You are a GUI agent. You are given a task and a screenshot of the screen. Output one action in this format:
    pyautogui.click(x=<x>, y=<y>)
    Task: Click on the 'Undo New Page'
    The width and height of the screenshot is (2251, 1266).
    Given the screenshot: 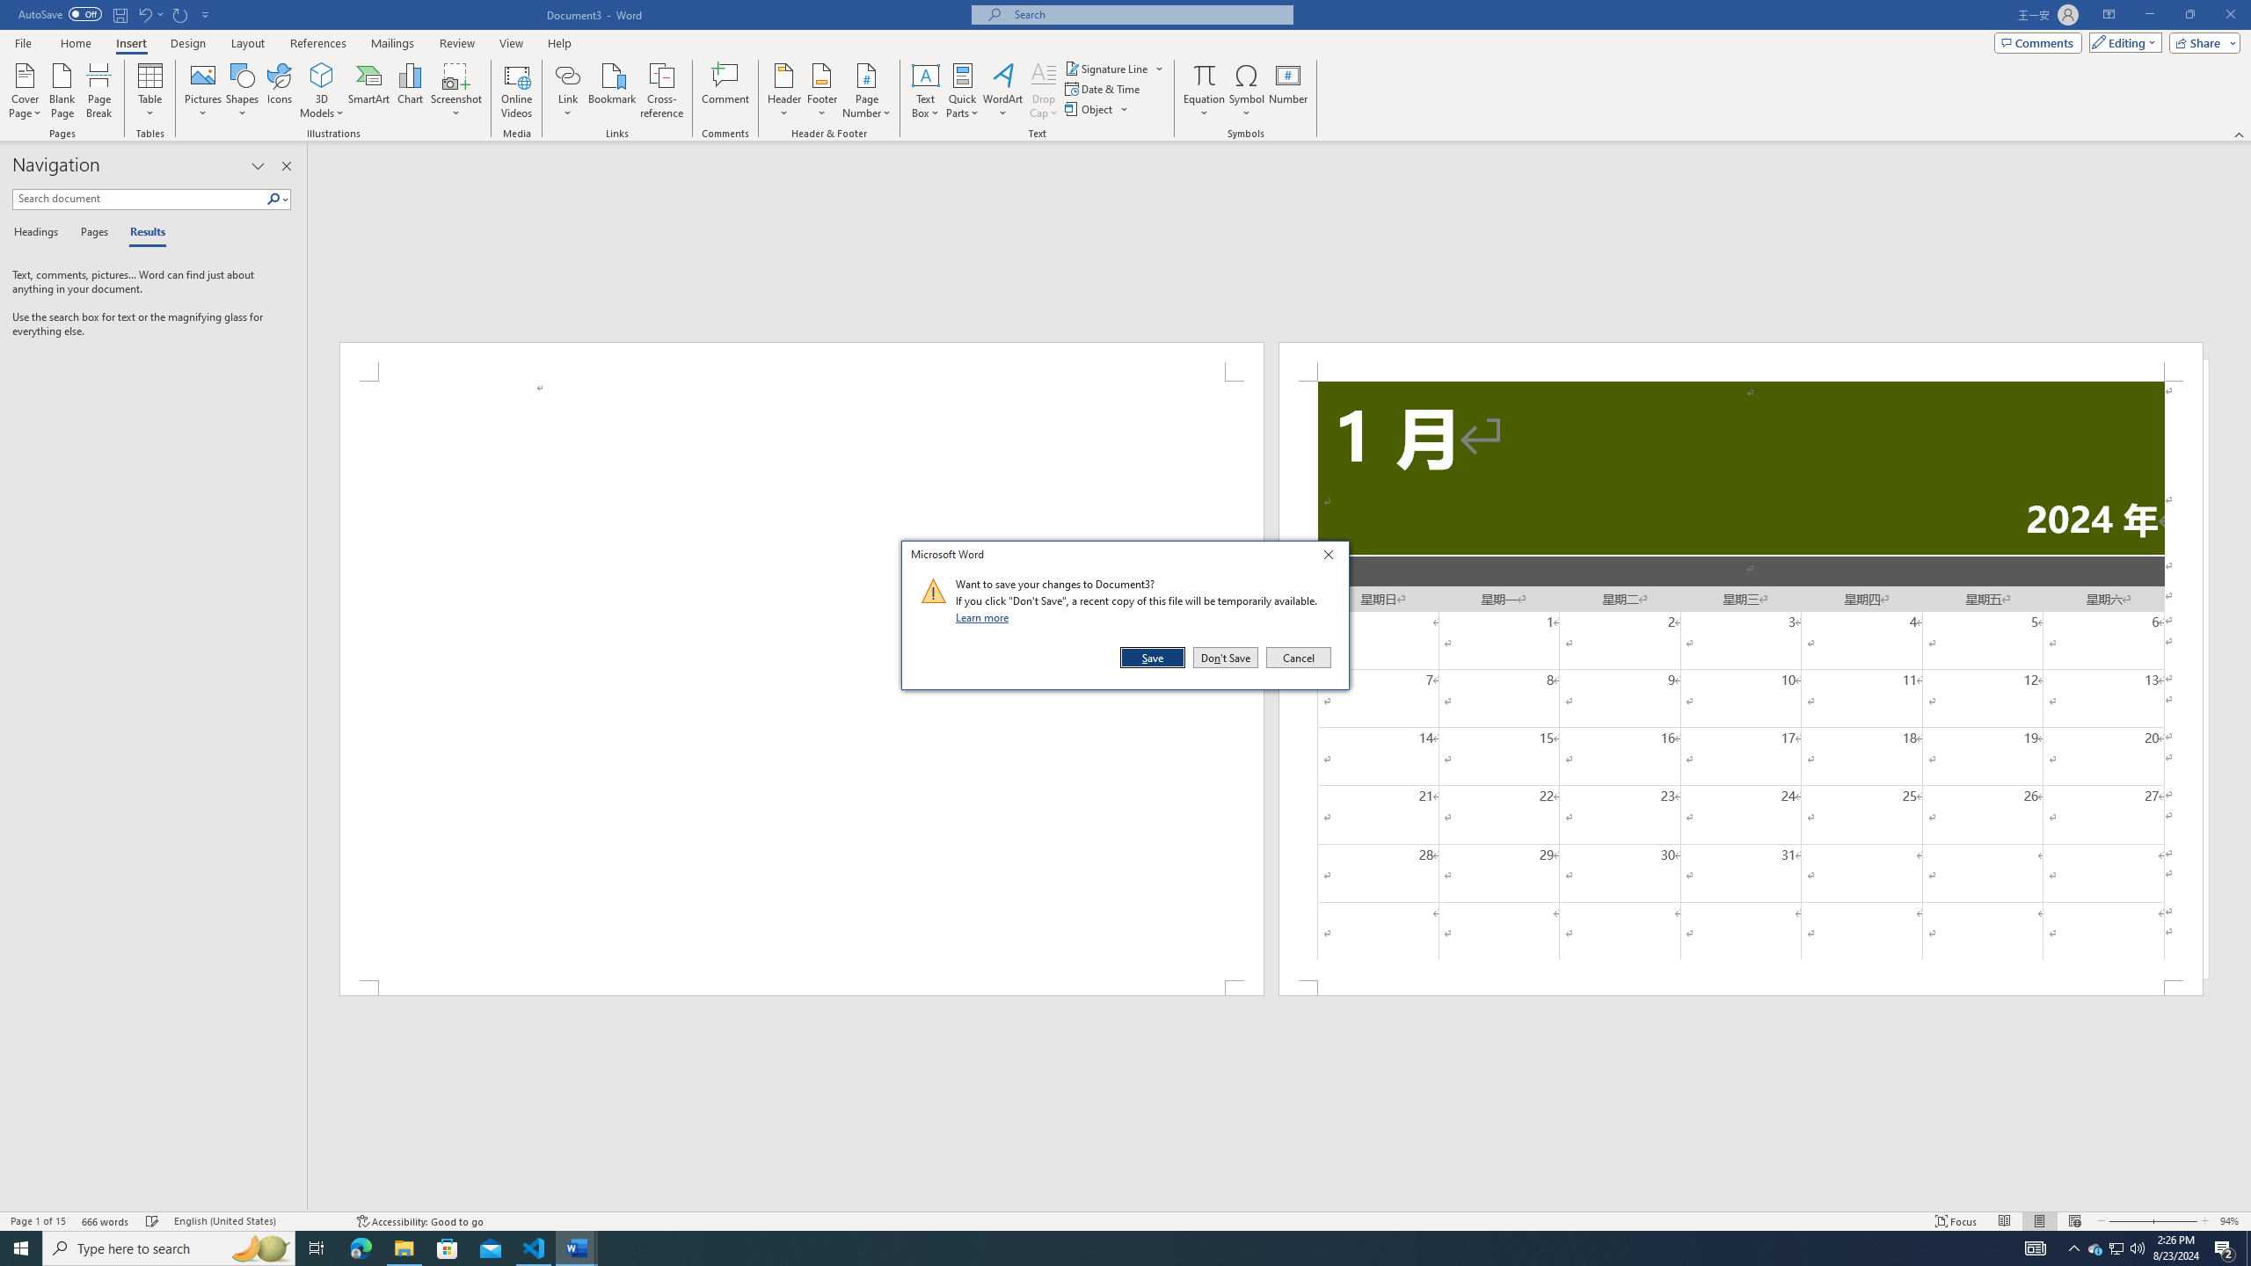 What is the action you would take?
    pyautogui.click(x=149, y=13)
    